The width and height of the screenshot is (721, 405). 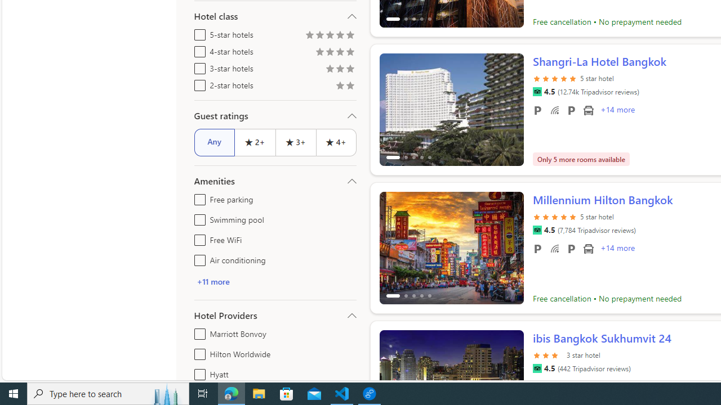 I want to click on '4-star hotels', so click(x=198, y=49).